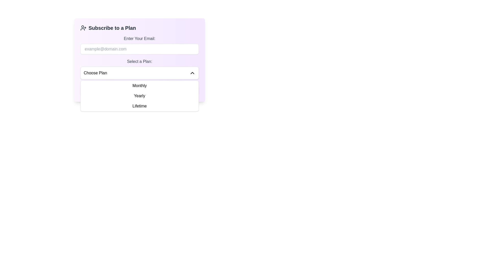 Image resolution: width=490 pixels, height=275 pixels. I want to click on the 'Monthly' option in the dropdown menu, which is the first item labeled 'Monthly' in black text against a white background, so click(140, 85).